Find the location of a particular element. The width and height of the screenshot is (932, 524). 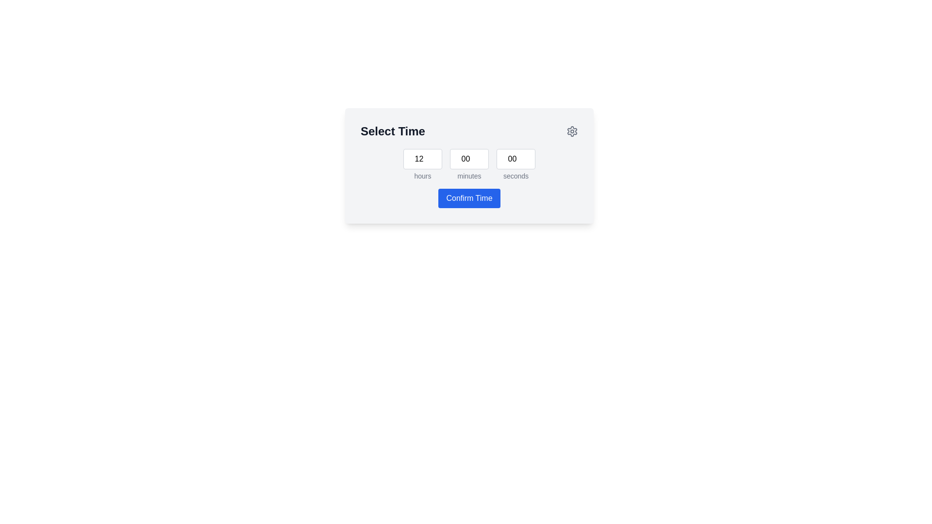

the text label reading 'seconds' that appears below the third input field for time input, styled with a smaller font size and gray coloring is located at coordinates (515, 164).